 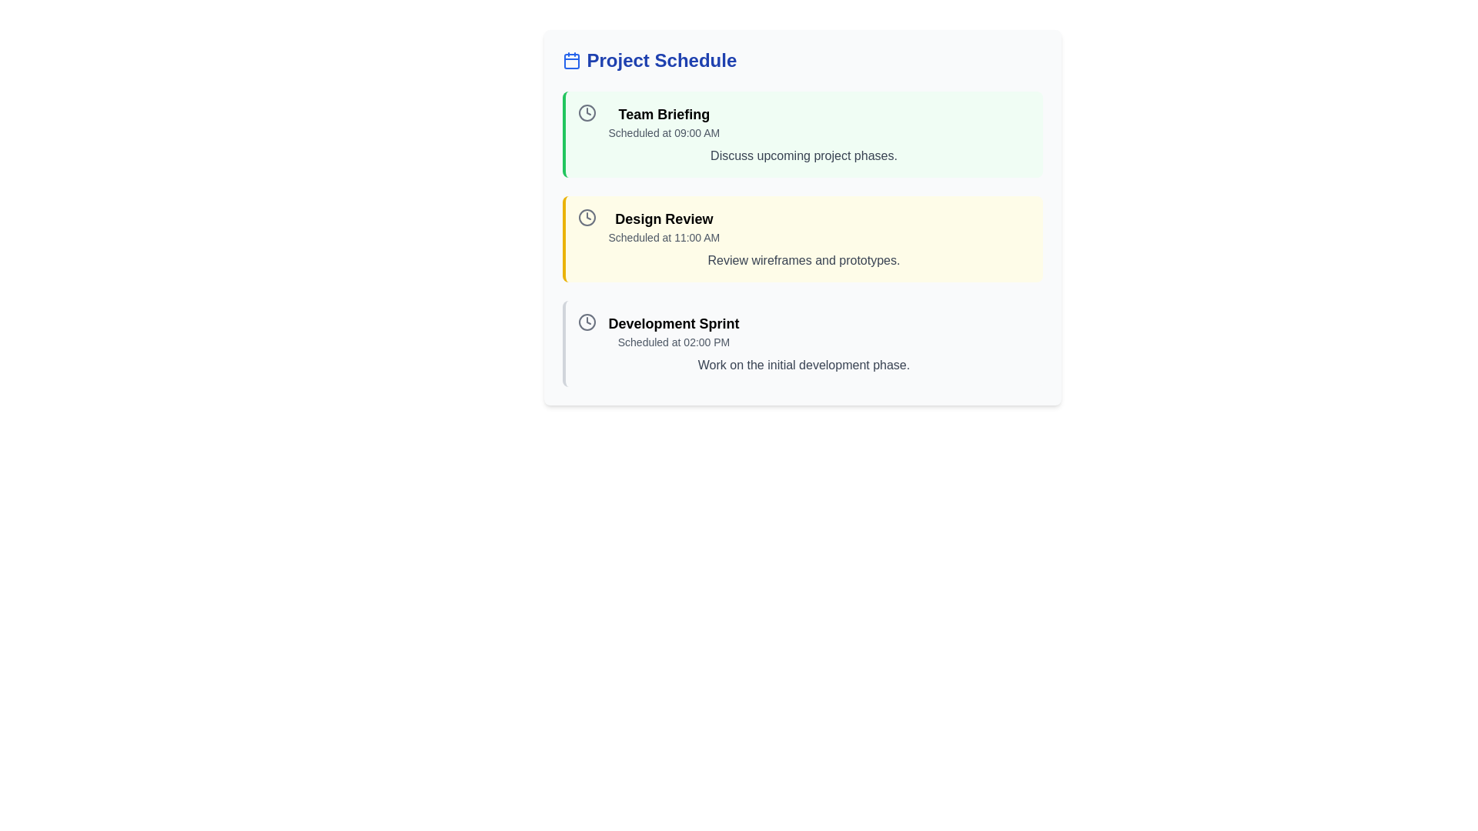 What do you see at coordinates (801, 239) in the screenshot?
I see `the Informational card labeled 'Design Review' with a scheduled time of 'Scheduled at 11:00 AM', which is the second item in the list of informational cards` at bounding box center [801, 239].